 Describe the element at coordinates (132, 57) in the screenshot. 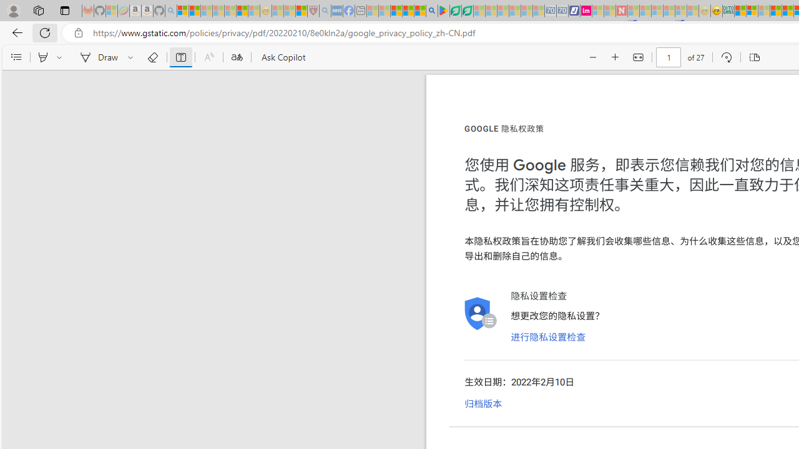

I see `'Select ink properties'` at that location.